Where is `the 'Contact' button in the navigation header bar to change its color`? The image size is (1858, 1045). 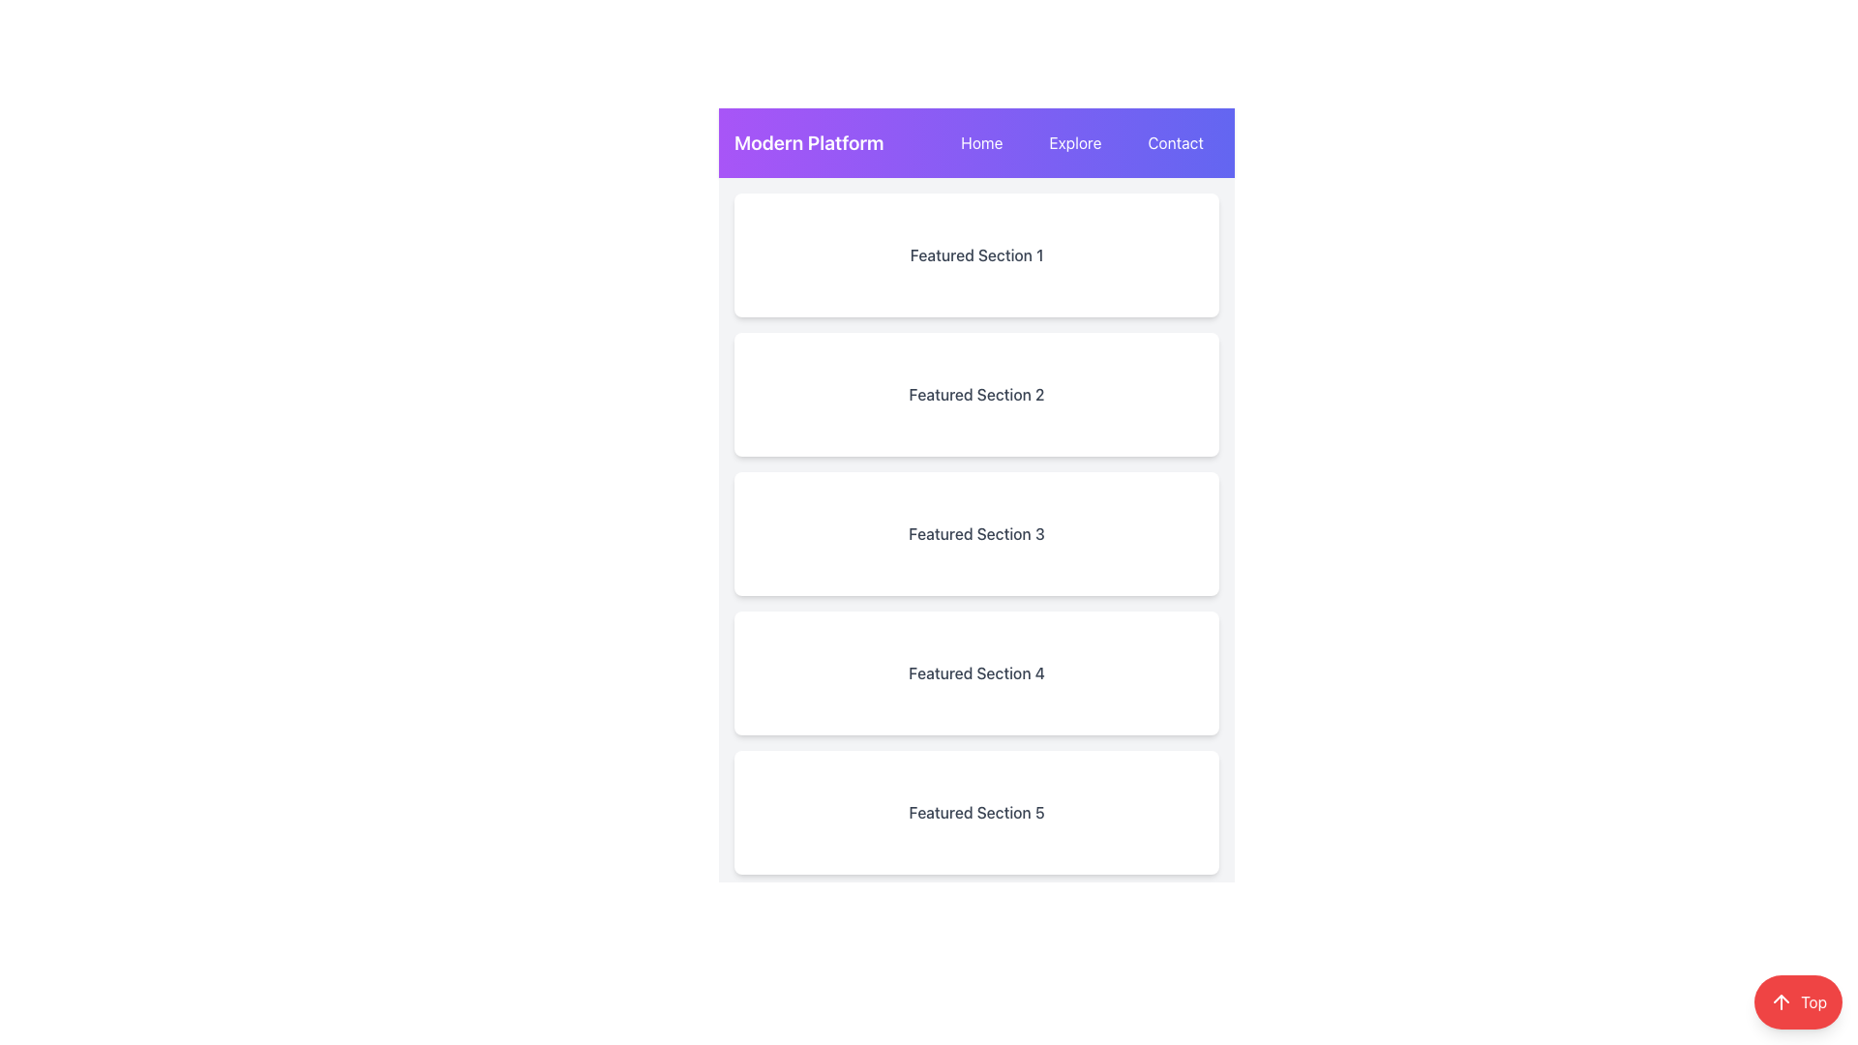 the 'Contact' button in the navigation header bar to change its color is located at coordinates (1175, 141).